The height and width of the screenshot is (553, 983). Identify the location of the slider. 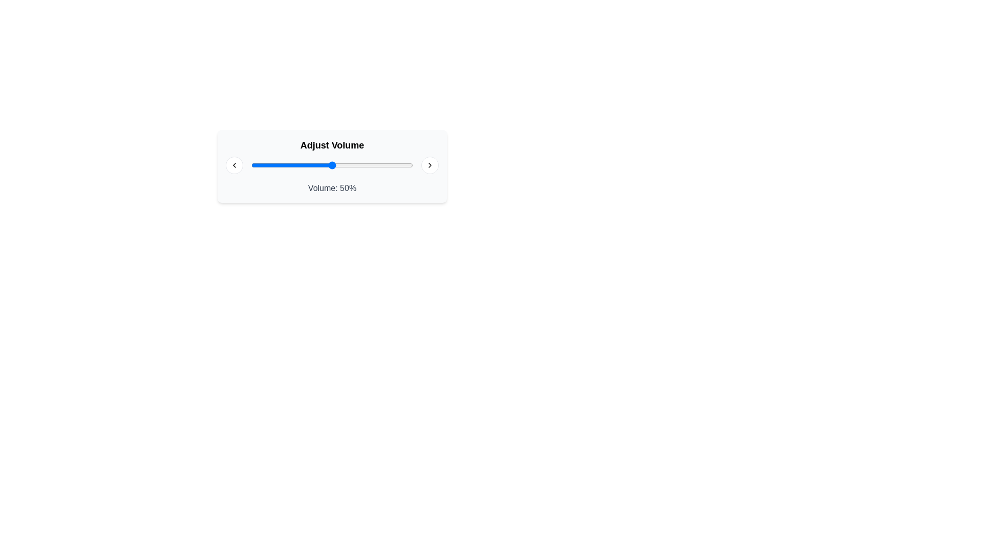
(395, 165).